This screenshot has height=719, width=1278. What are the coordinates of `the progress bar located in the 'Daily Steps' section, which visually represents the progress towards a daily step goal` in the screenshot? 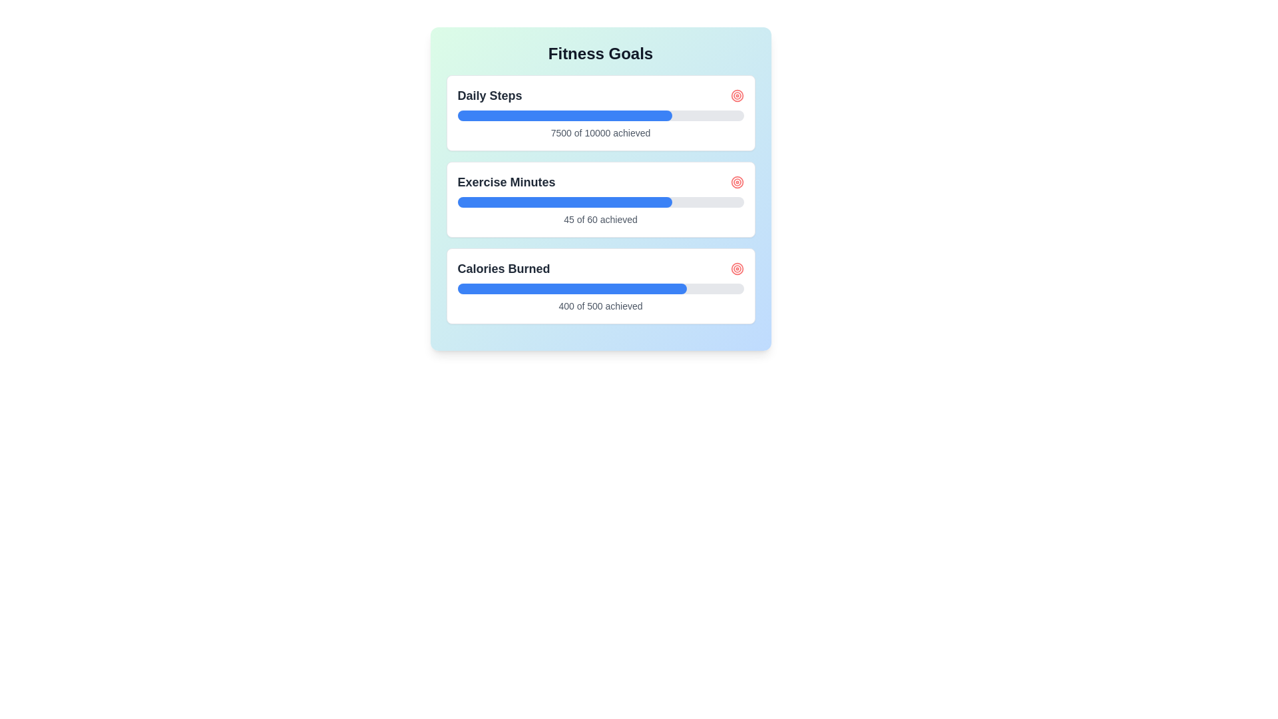 It's located at (564, 115).